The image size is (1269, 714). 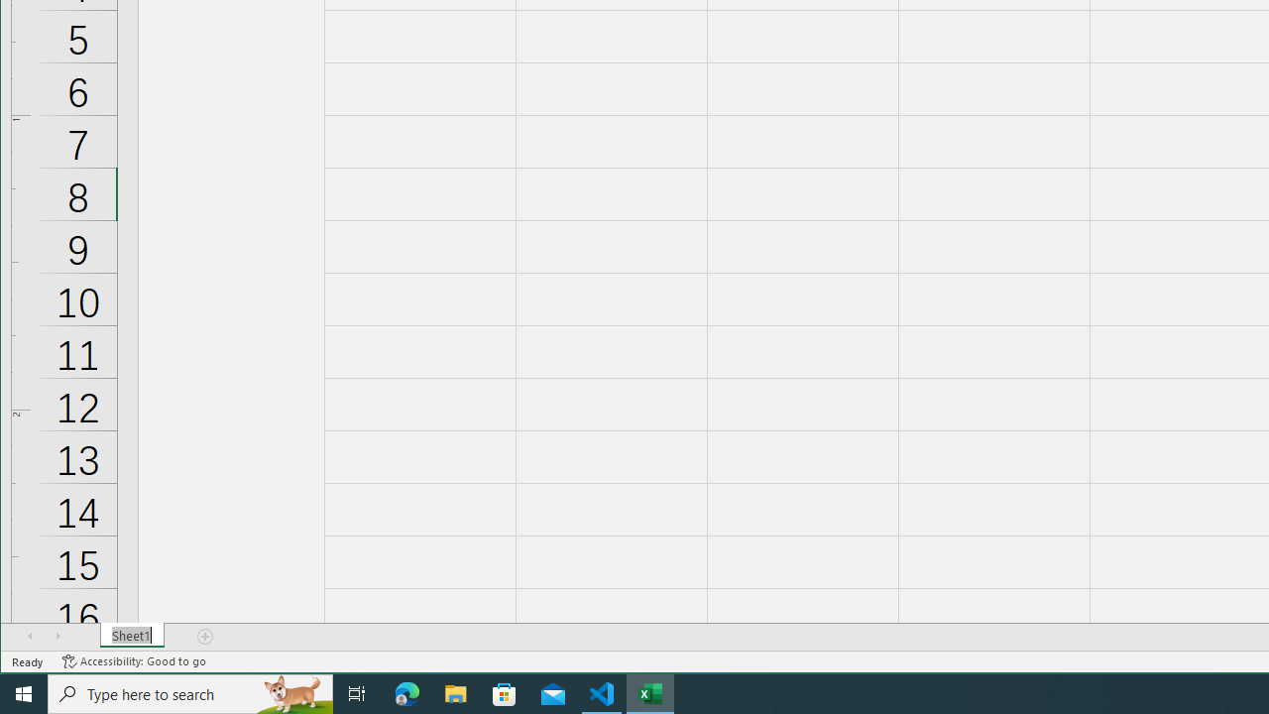 What do you see at coordinates (601, 692) in the screenshot?
I see `'Visual Studio Code - 1 running window'` at bounding box center [601, 692].